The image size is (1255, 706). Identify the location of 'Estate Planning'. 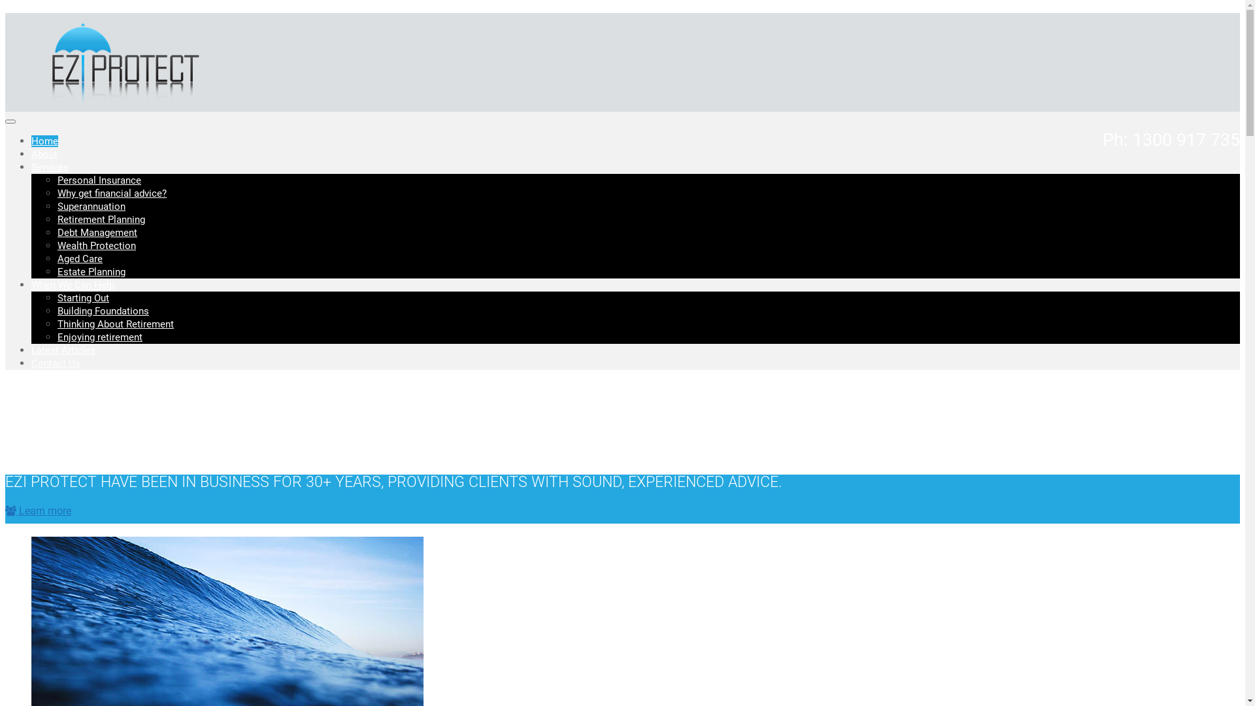
(56, 271).